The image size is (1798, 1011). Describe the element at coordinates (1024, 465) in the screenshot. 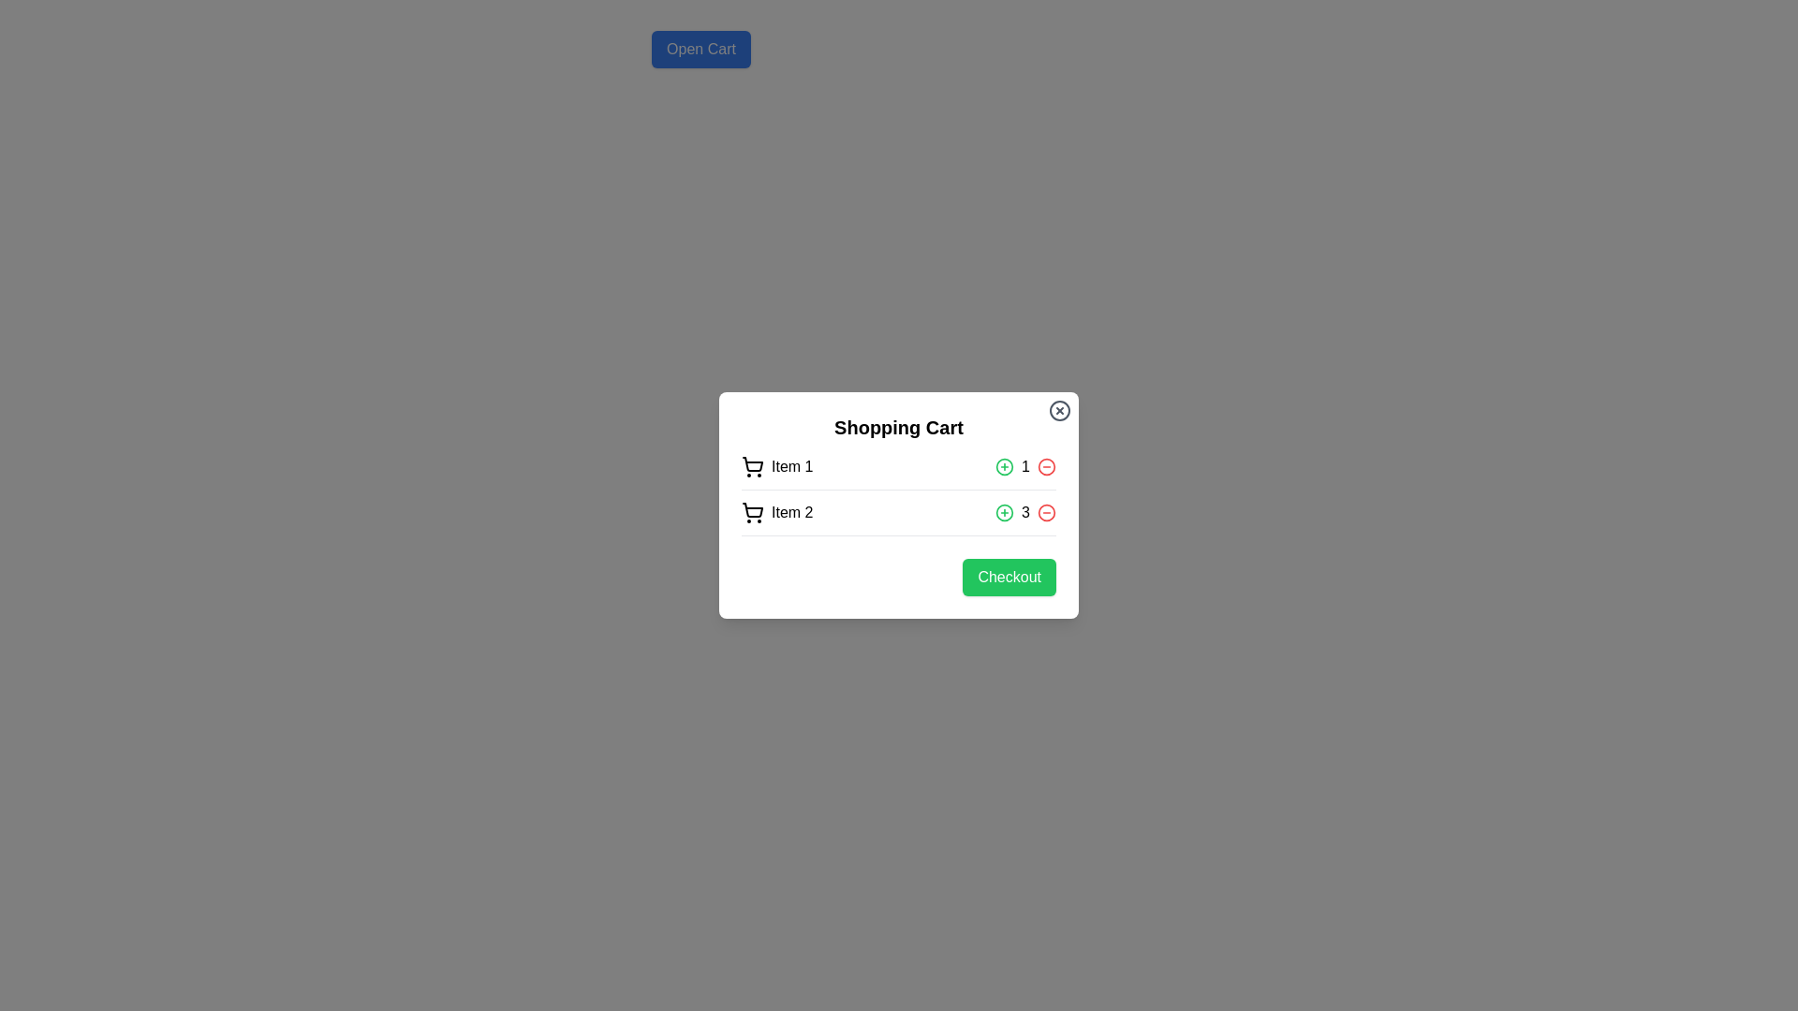

I see `the static text displaying the numeric character '1' located in the shopping cart interface, positioned between the '+' and '-' buttons of 'Item 1'` at that location.